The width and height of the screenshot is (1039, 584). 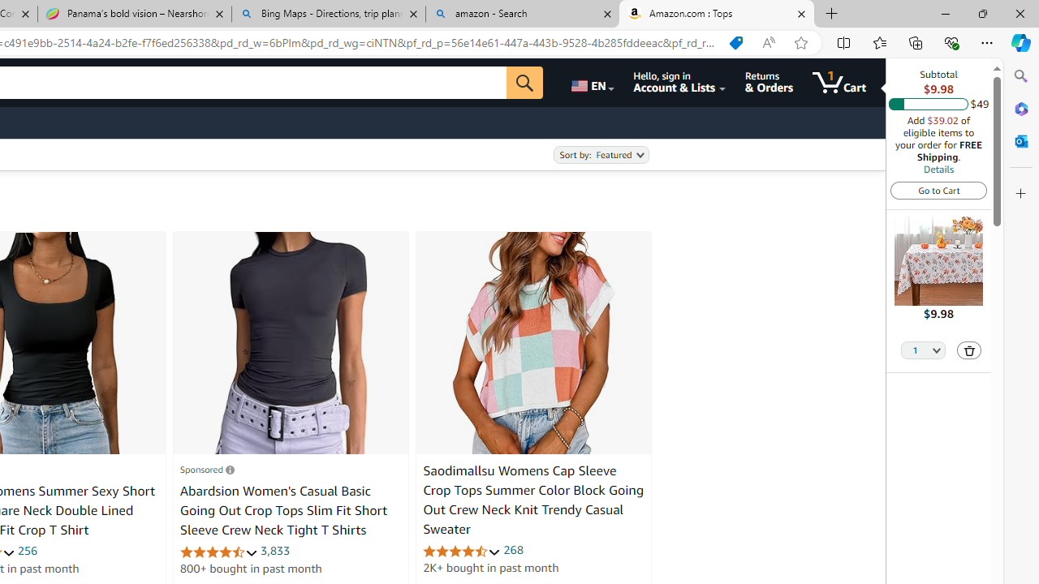 What do you see at coordinates (923, 348) in the screenshot?
I see `'Quantity Selector'` at bounding box center [923, 348].